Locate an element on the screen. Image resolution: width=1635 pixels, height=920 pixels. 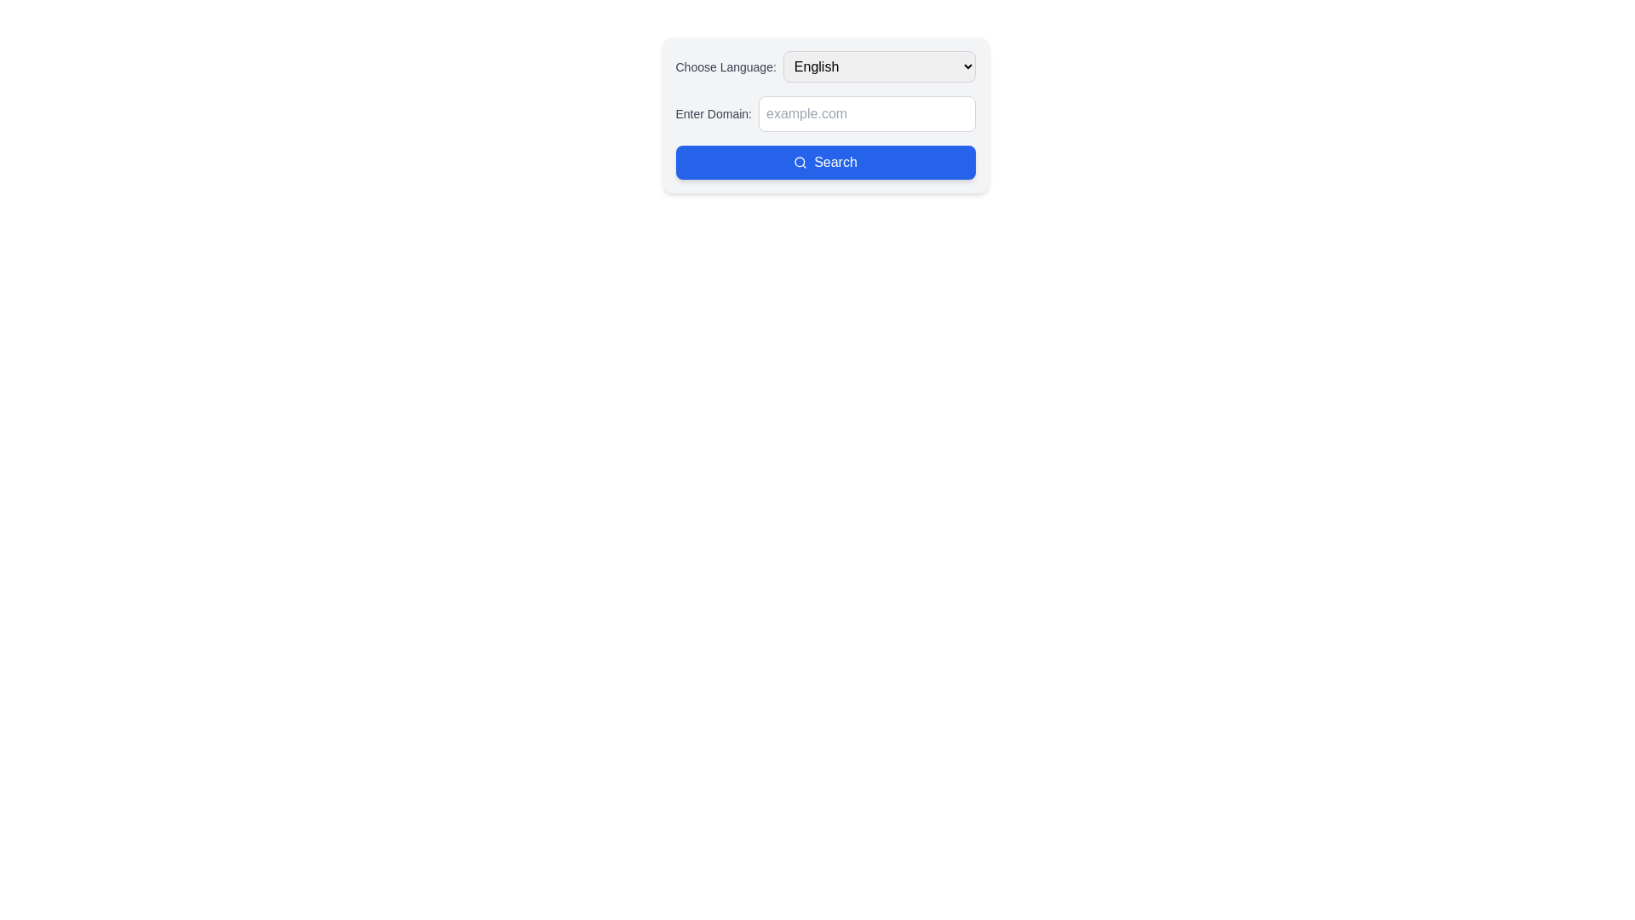
the text input field for domain entry, which is the second field in the input group below the 'Choose Language' dropdown and above the 'Search' button is located at coordinates (825, 114).